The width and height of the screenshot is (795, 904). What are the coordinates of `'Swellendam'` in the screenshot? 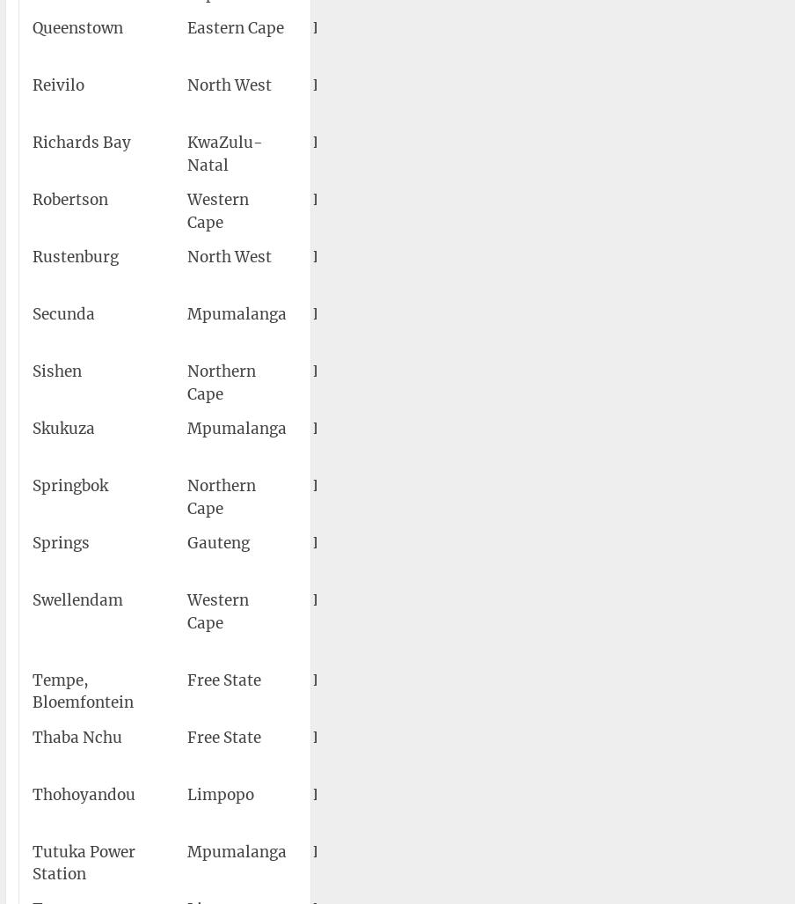 It's located at (31, 599).